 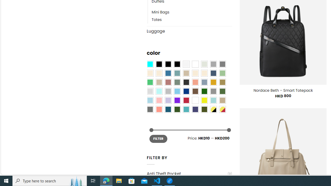 What do you see at coordinates (168, 64) in the screenshot?
I see `'Black'` at bounding box center [168, 64].